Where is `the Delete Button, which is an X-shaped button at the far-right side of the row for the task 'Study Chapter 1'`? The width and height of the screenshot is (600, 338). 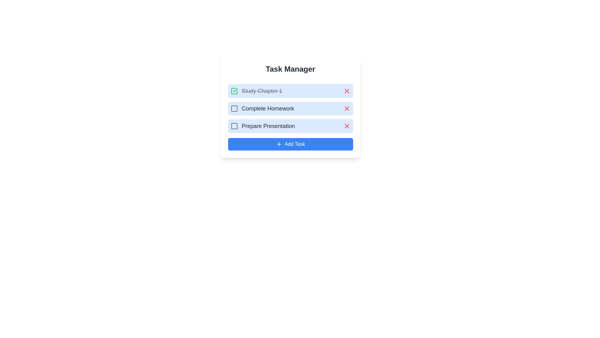 the Delete Button, which is an X-shaped button at the far-right side of the row for the task 'Study Chapter 1' is located at coordinates (346, 91).